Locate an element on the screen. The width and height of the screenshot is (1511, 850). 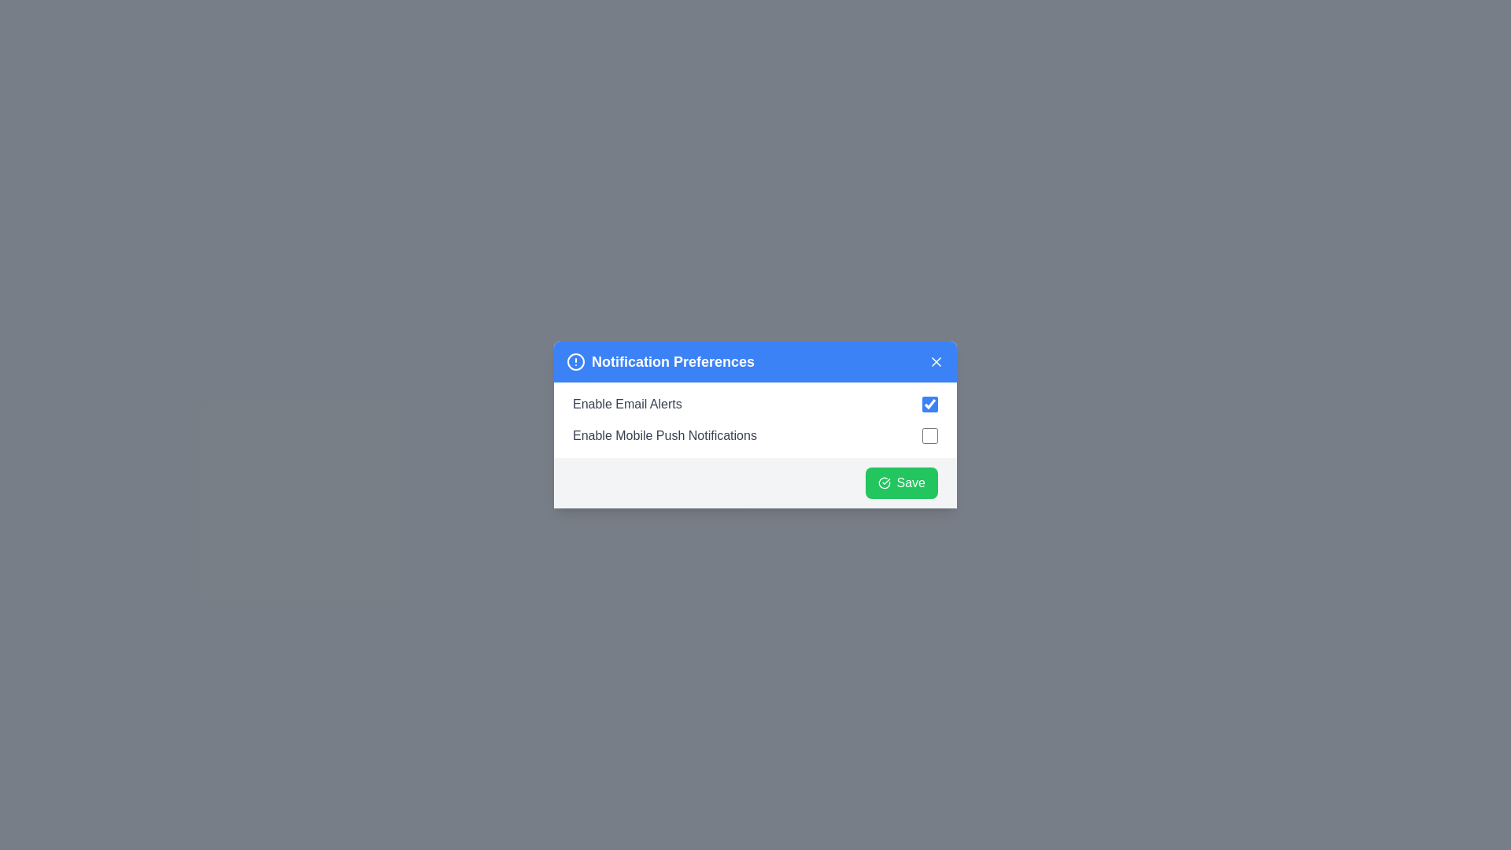
the circular green outlined icon with a checkmark that is part of the 'Save' button in the 'Notification Preferences' dialog box is located at coordinates (884, 482).